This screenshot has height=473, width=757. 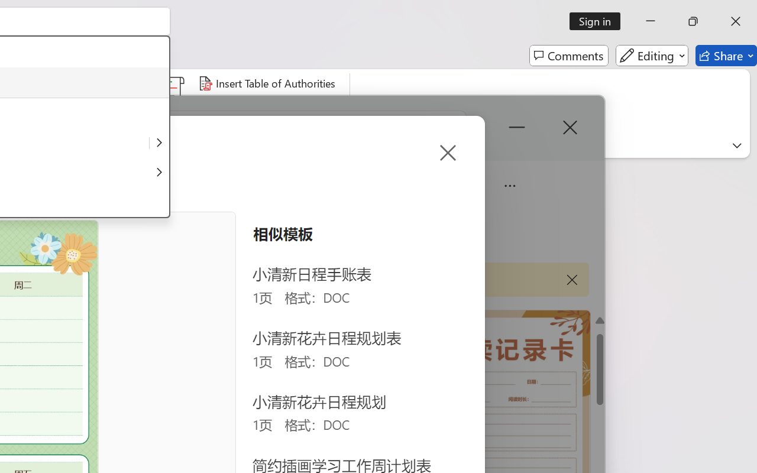 I want to click on 'Editing', so click(x=651, y=56).